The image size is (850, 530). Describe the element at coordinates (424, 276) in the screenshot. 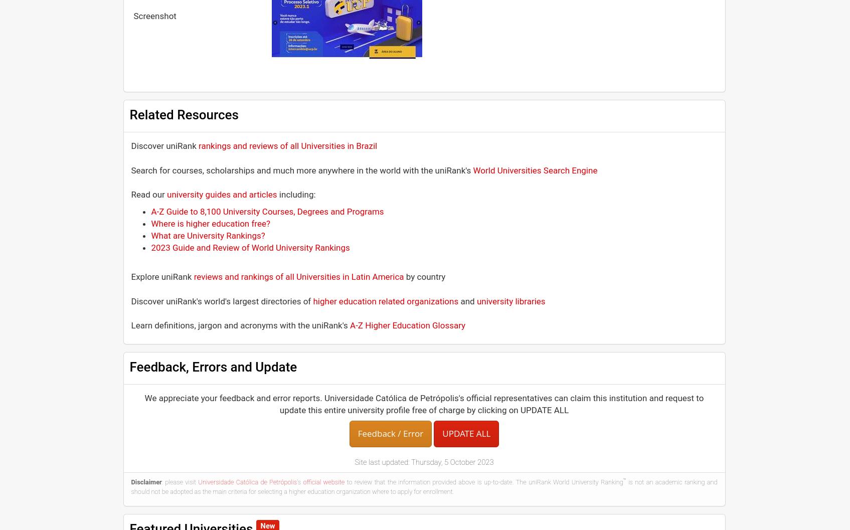

I see `'by country'` at that location.